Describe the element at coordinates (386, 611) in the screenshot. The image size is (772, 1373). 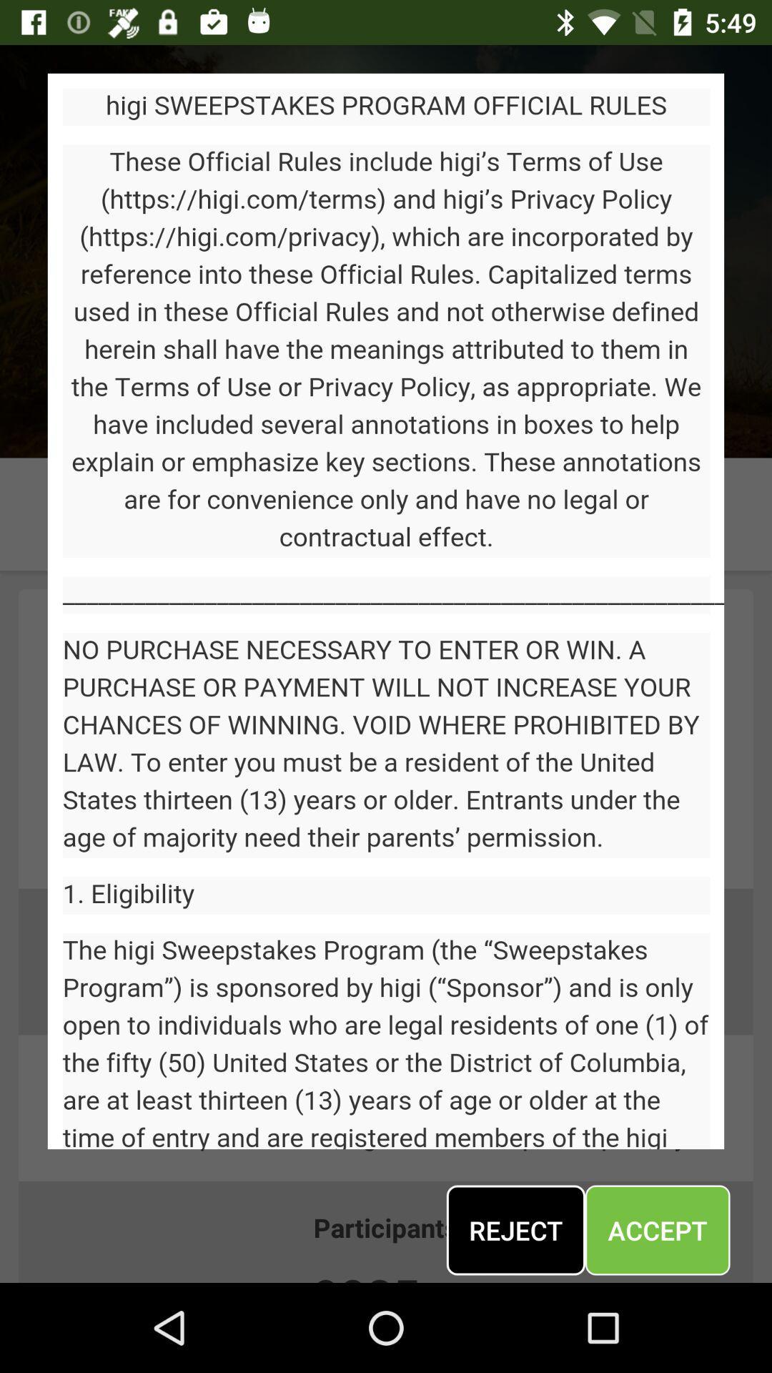
I see `display screen` at that location.